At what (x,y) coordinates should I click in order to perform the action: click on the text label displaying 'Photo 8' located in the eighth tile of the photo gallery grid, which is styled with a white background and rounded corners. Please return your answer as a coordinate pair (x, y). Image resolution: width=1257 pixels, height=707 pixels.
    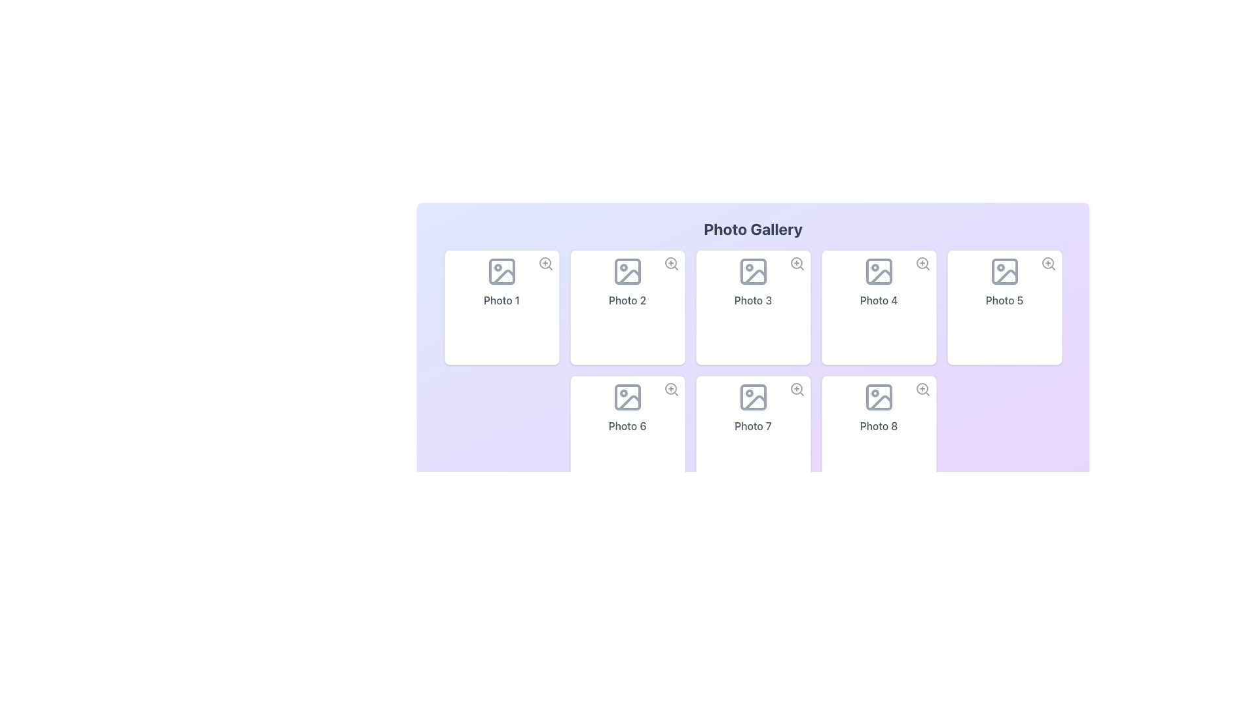
    Looking at the image, I should click on (879, 426).